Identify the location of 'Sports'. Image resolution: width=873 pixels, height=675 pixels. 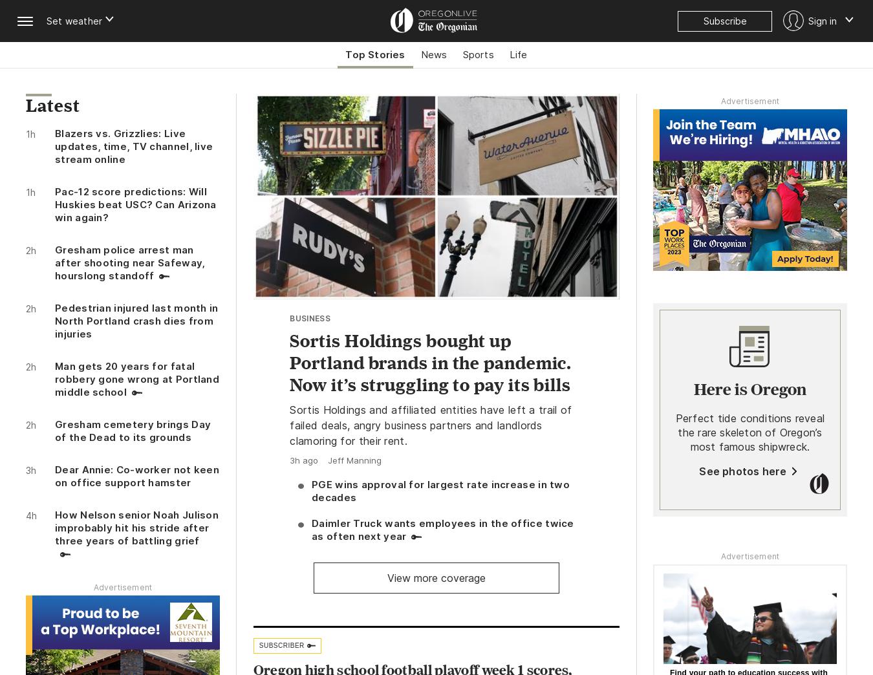
(477, 54).